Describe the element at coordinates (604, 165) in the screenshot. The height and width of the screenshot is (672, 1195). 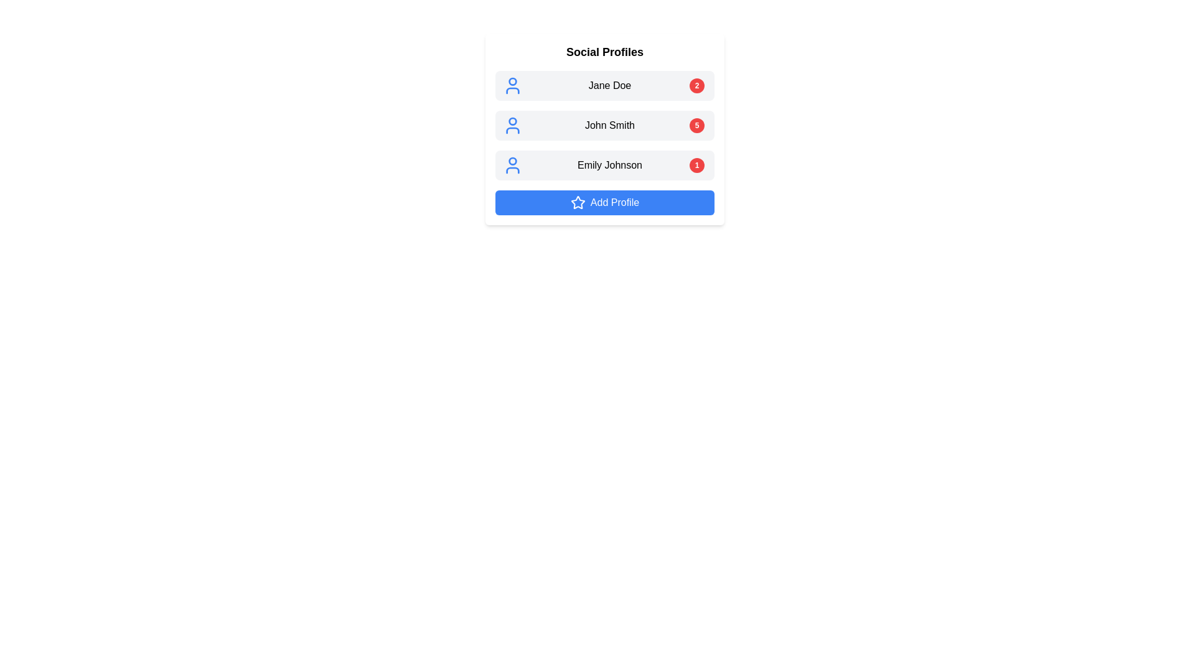
I see `the user profile button for 'Emily Johnson', which is the third card in a vertical list` at that location.